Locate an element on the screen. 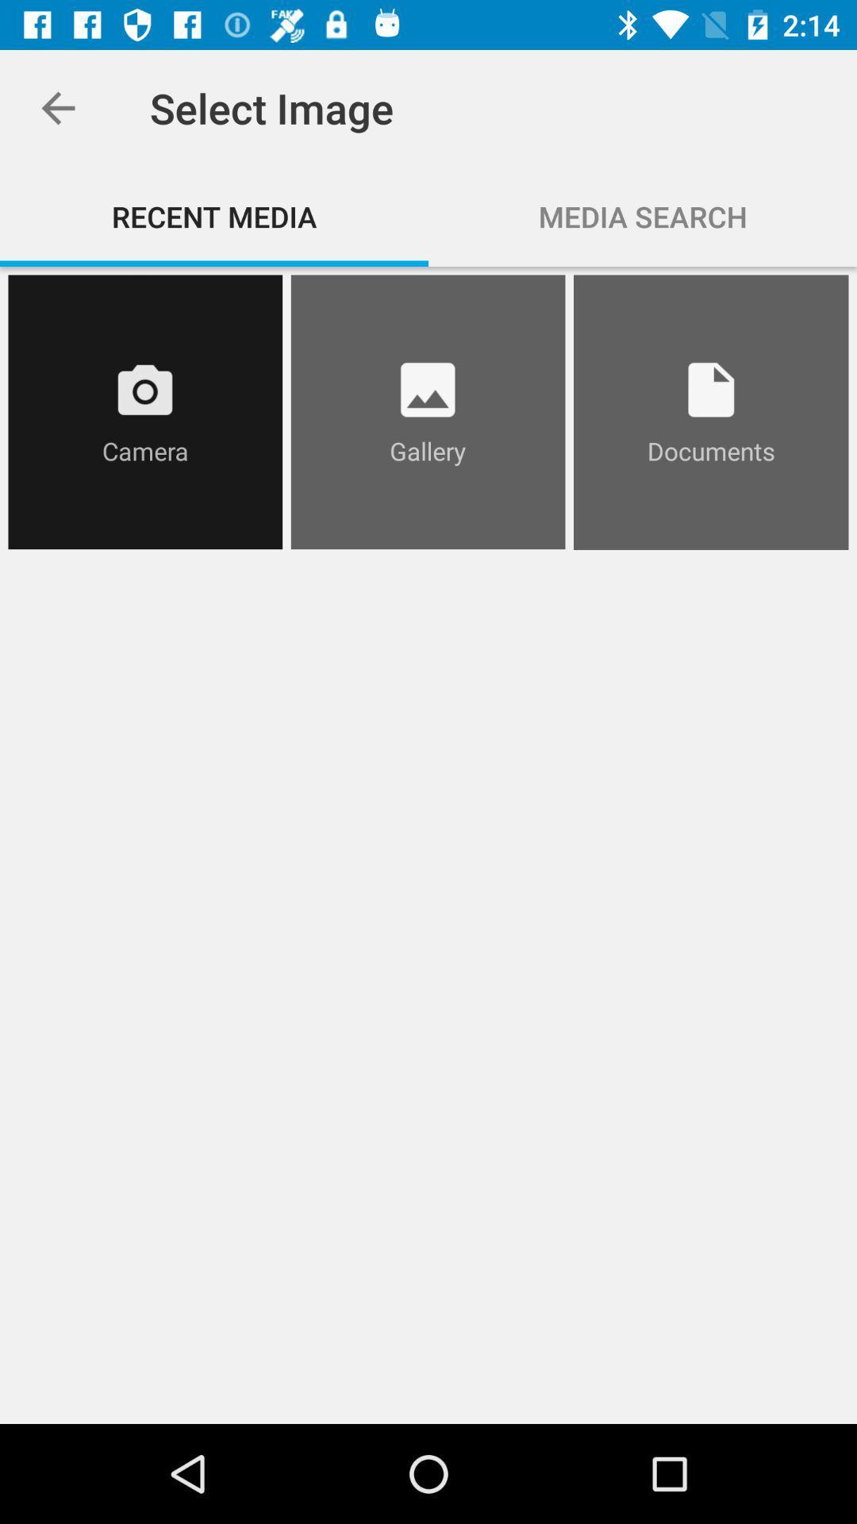  icon to the left of the select image icon is located at coordinates (57, 107).